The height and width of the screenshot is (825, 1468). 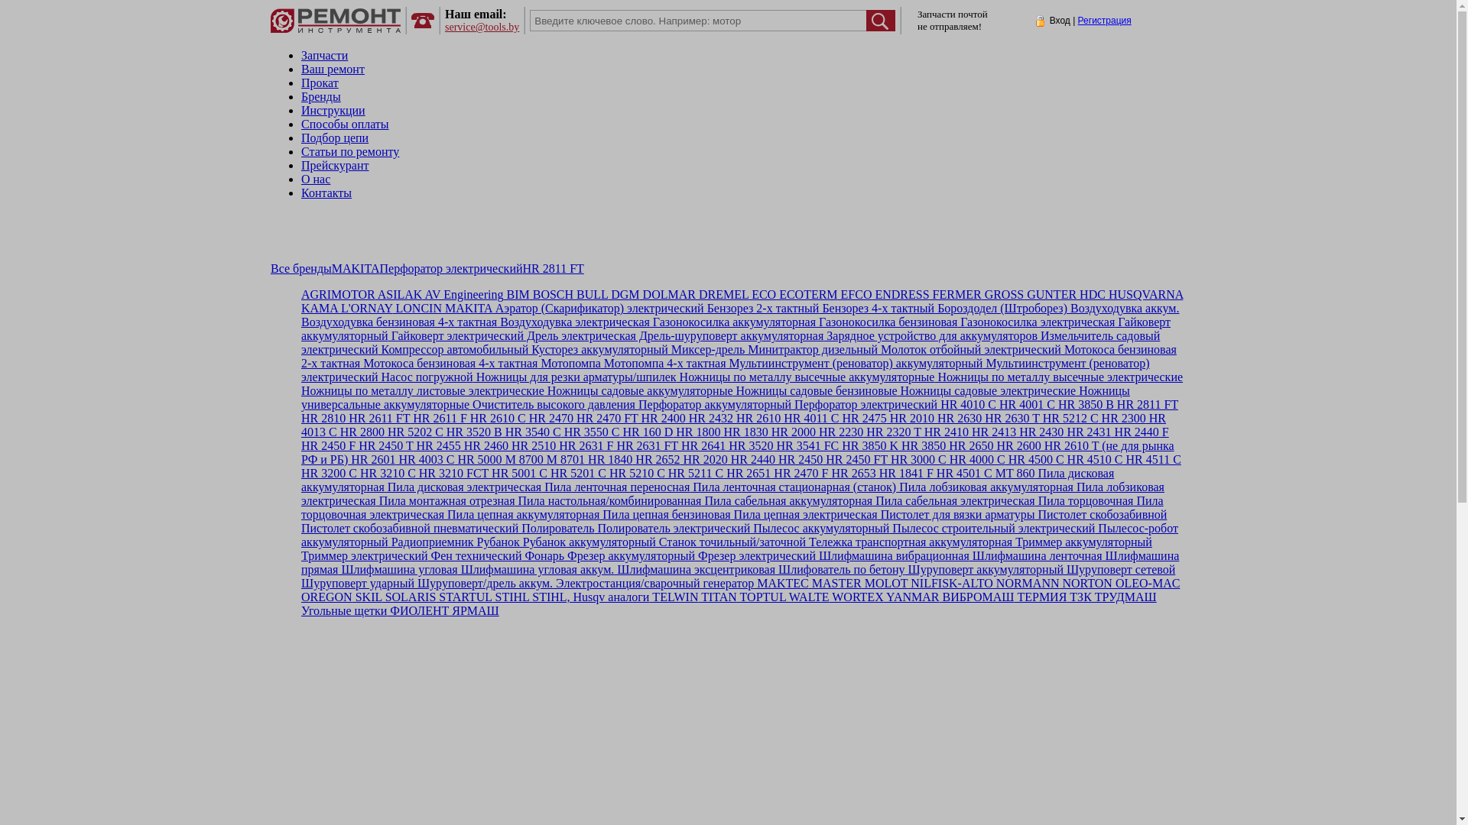 I want to click on 'HR 2000', so click(x=792, y=432).